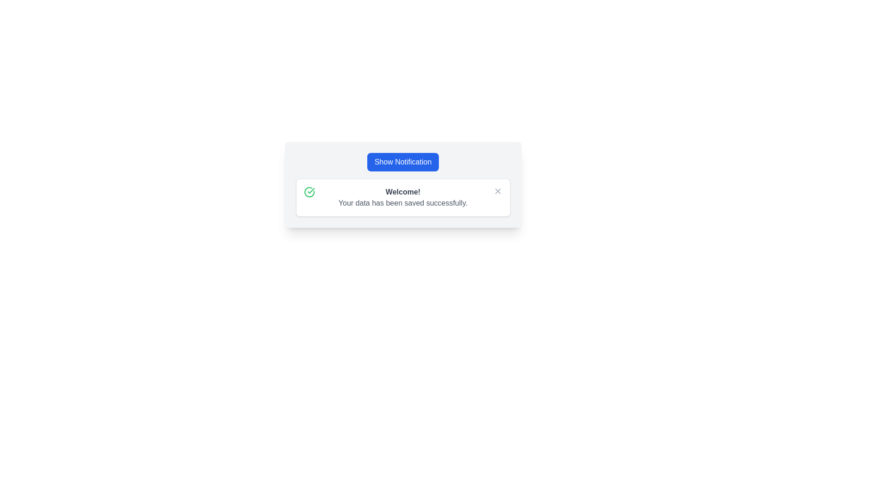 Image resolution: width=887 pixels, height=499 pixels. Describe the element at coordinates (310, 190) in the screenshot. I see `the checkmark shape element inside the green circular icon located in the notification message area` at that location.